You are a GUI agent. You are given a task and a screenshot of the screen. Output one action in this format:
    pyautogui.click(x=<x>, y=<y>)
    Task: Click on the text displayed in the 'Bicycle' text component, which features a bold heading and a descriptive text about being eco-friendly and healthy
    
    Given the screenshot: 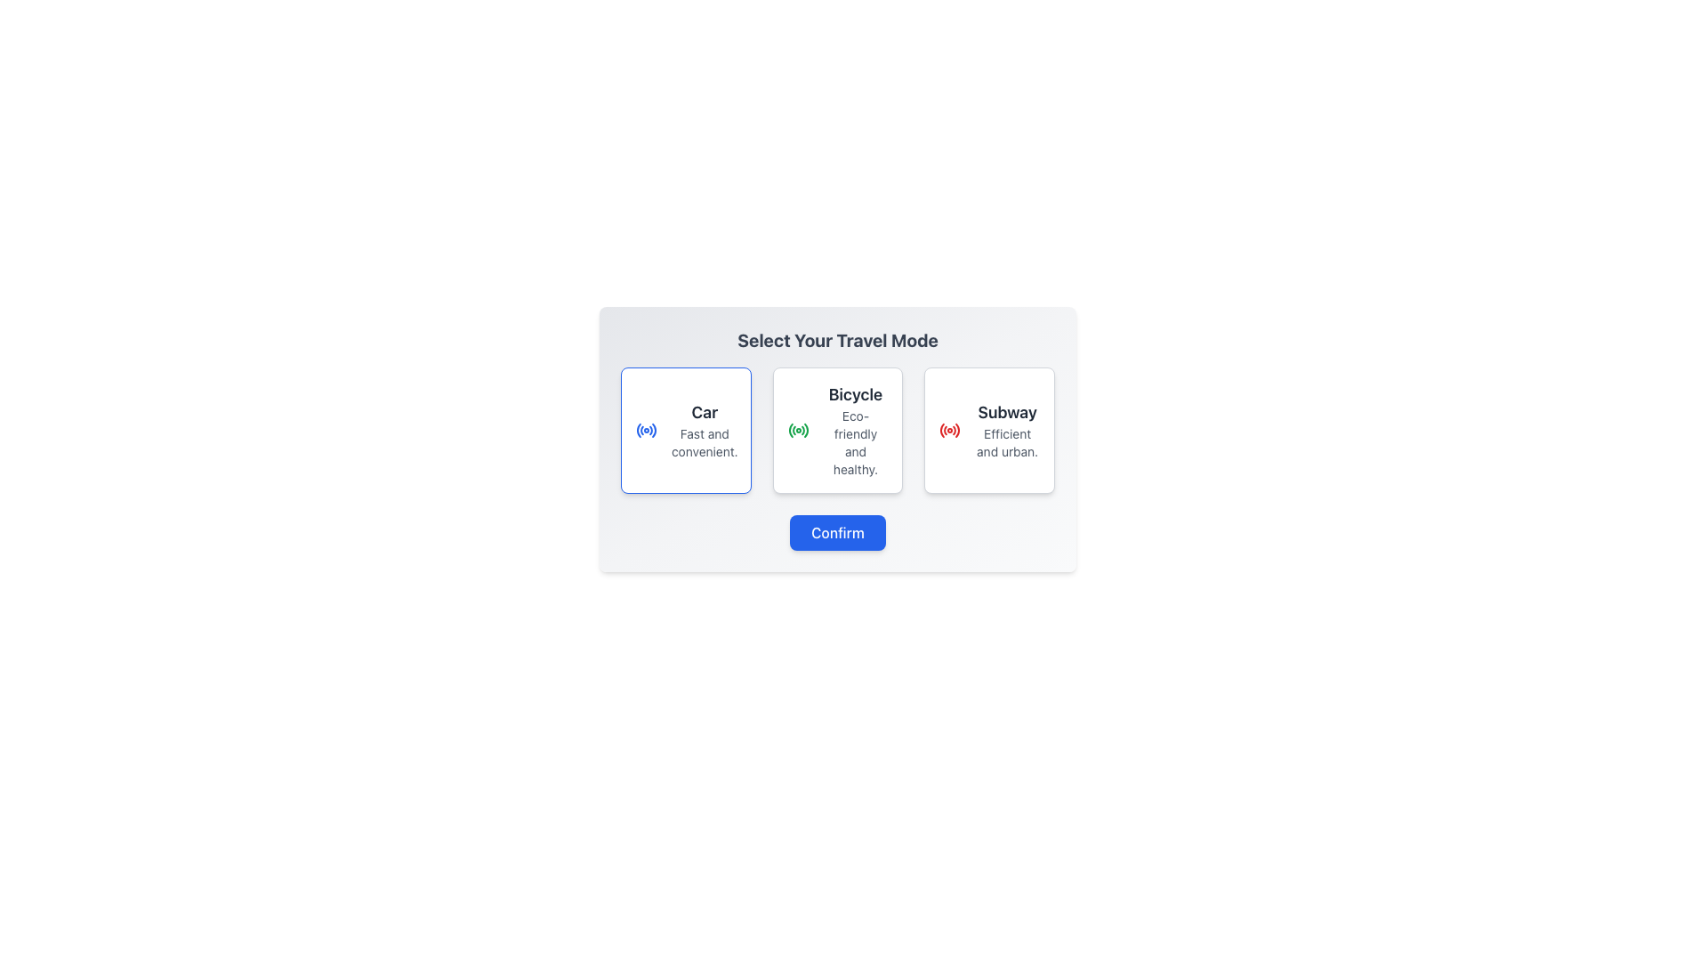 What is the action you would take?
    pyautogui.click(x=855, y=430)
    